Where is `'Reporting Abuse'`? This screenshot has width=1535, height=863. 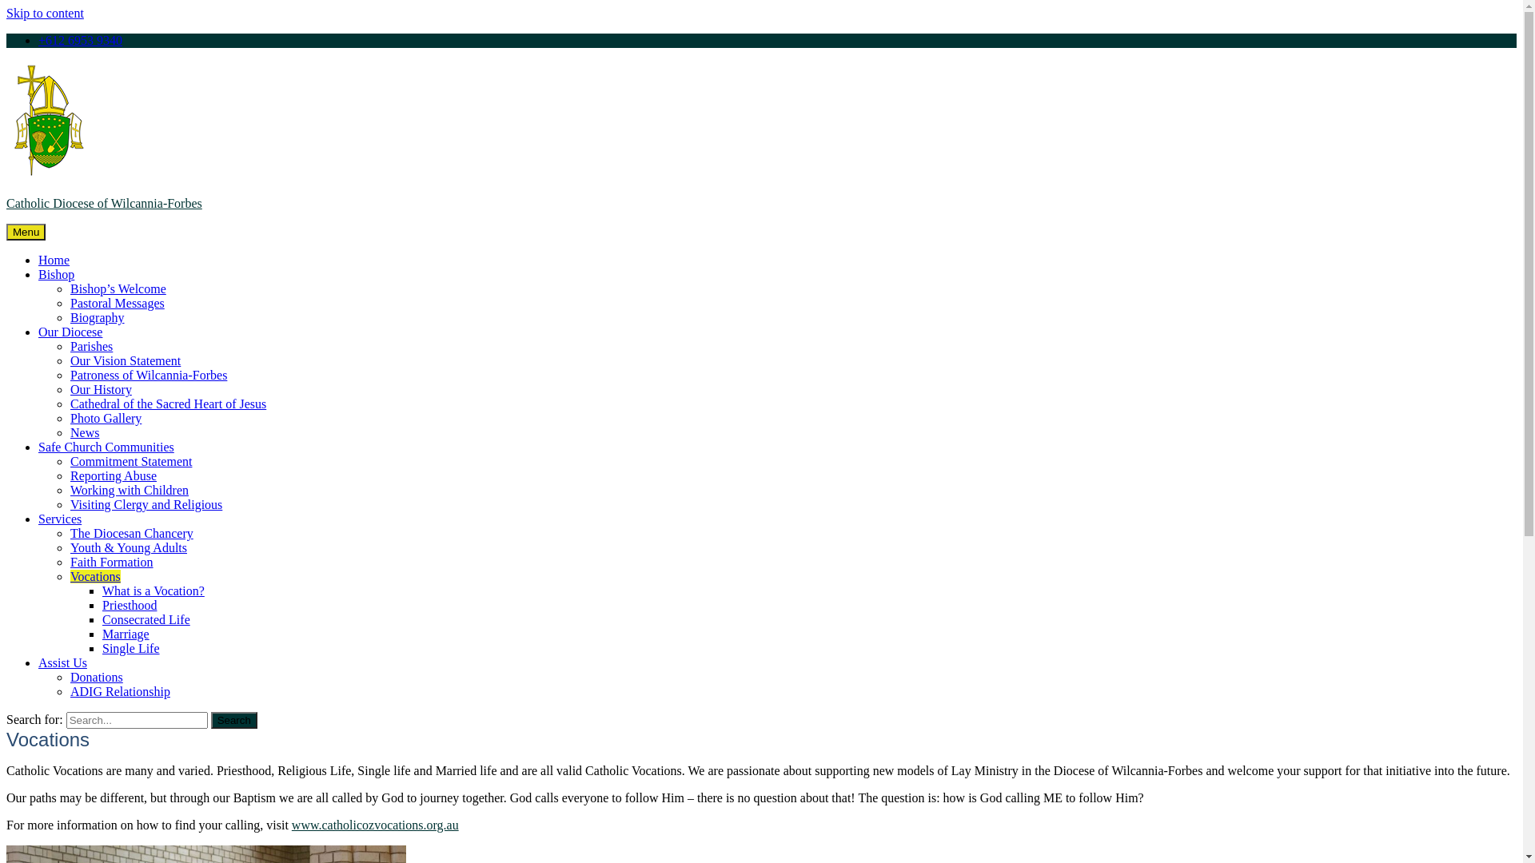
'Reporting Abuse' is located at coordinates (113, 475).